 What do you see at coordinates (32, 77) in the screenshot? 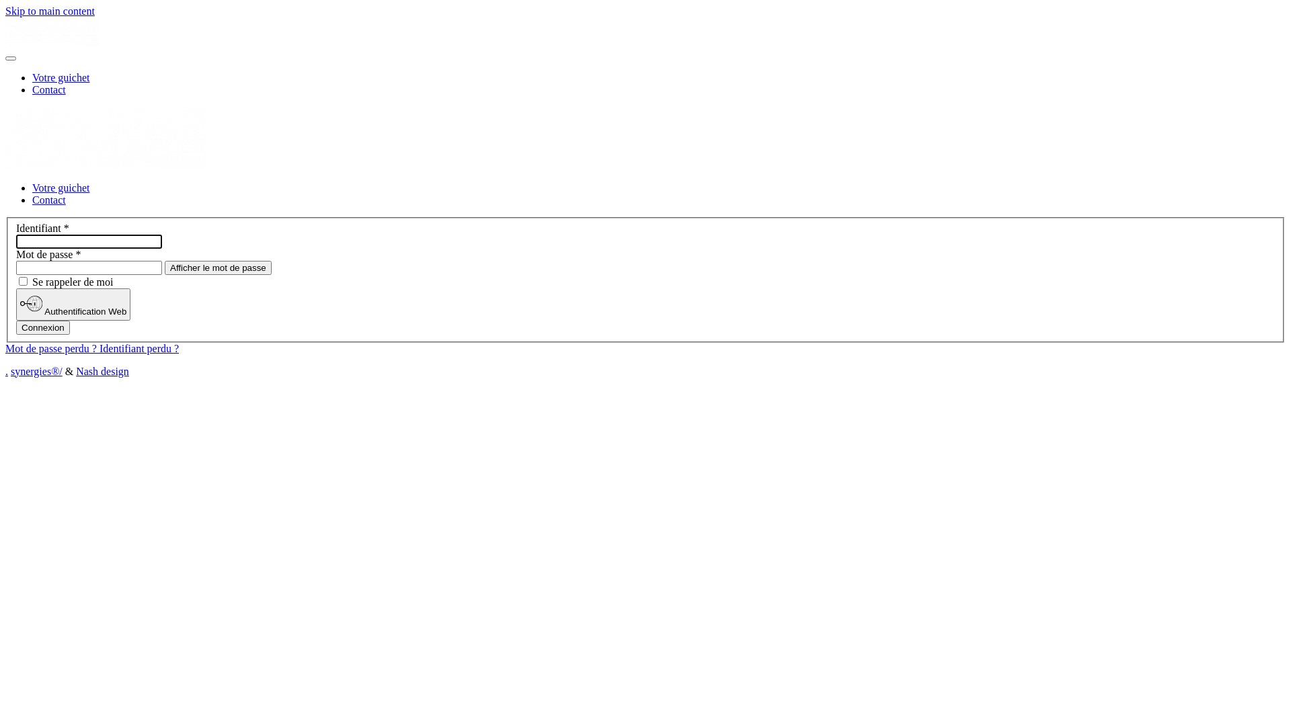
I see `'Votre guichet'` at bounding box center [32, 77].